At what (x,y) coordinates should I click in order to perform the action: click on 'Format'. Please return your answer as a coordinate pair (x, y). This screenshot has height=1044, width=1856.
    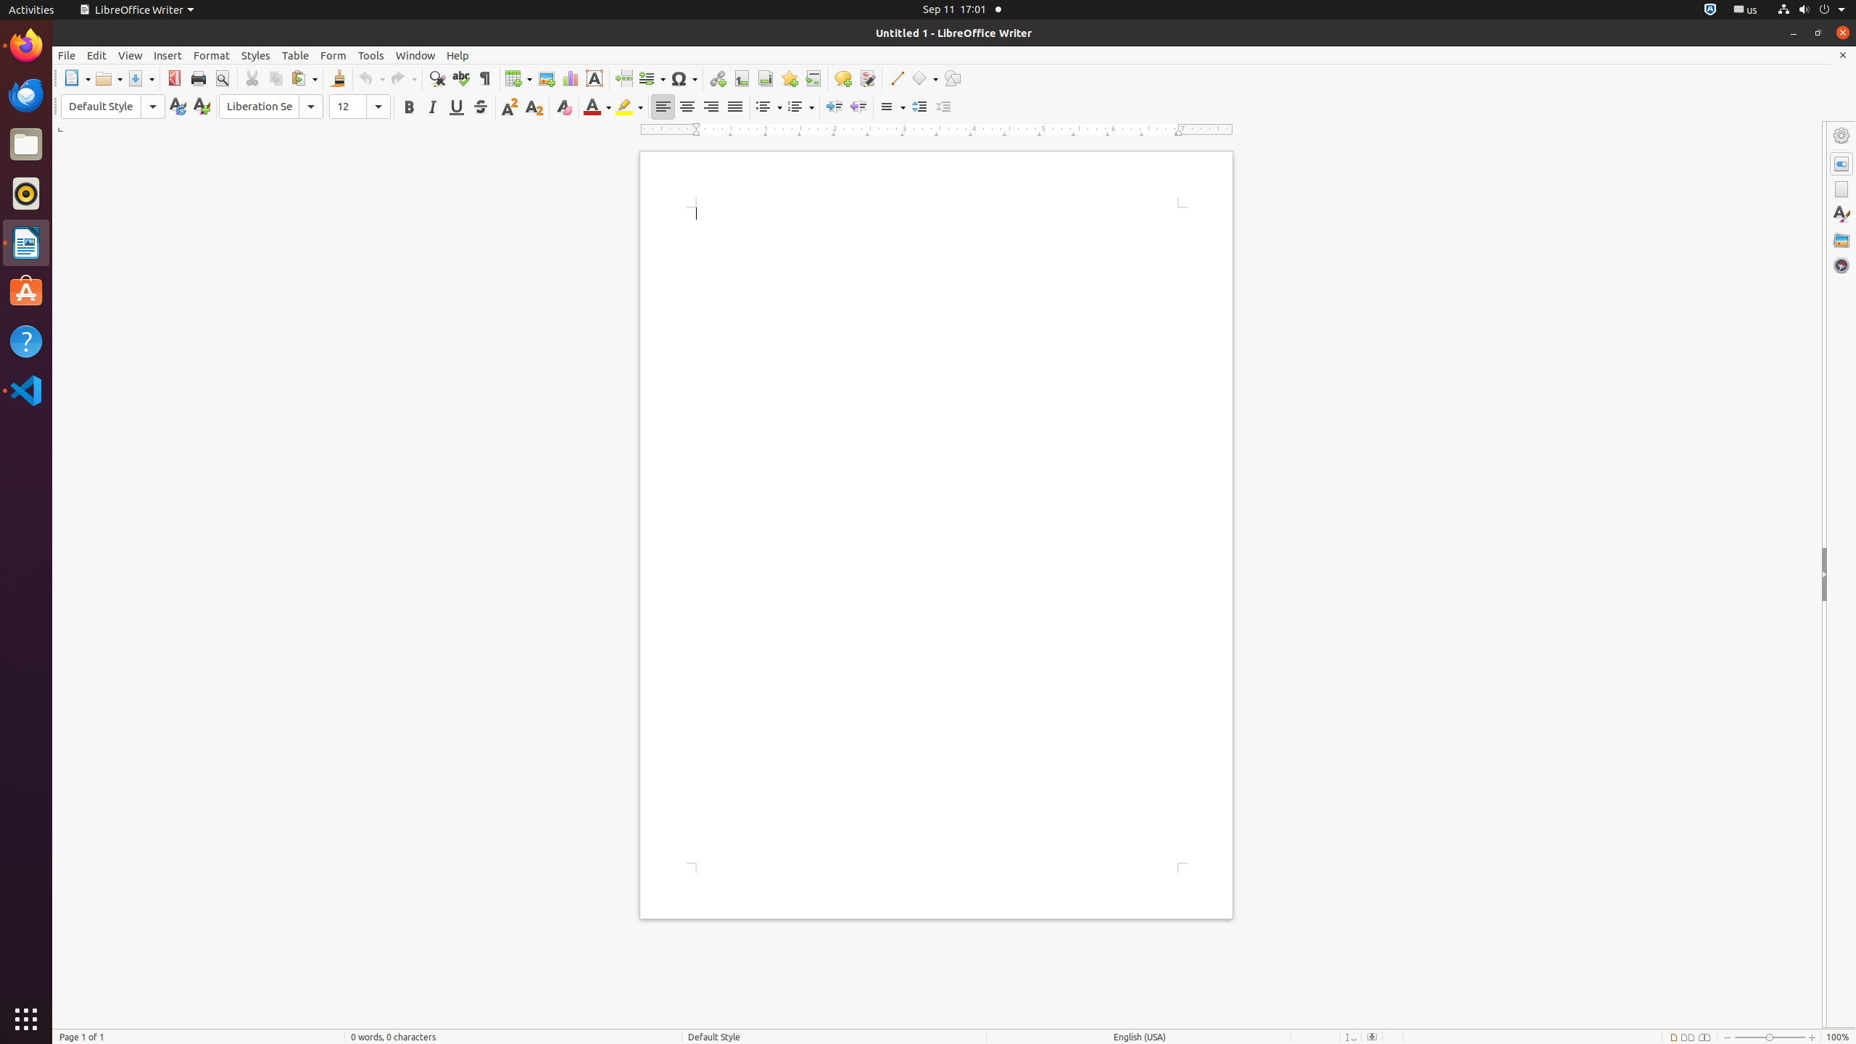
    Looking at the image, I should click on (212, 55).